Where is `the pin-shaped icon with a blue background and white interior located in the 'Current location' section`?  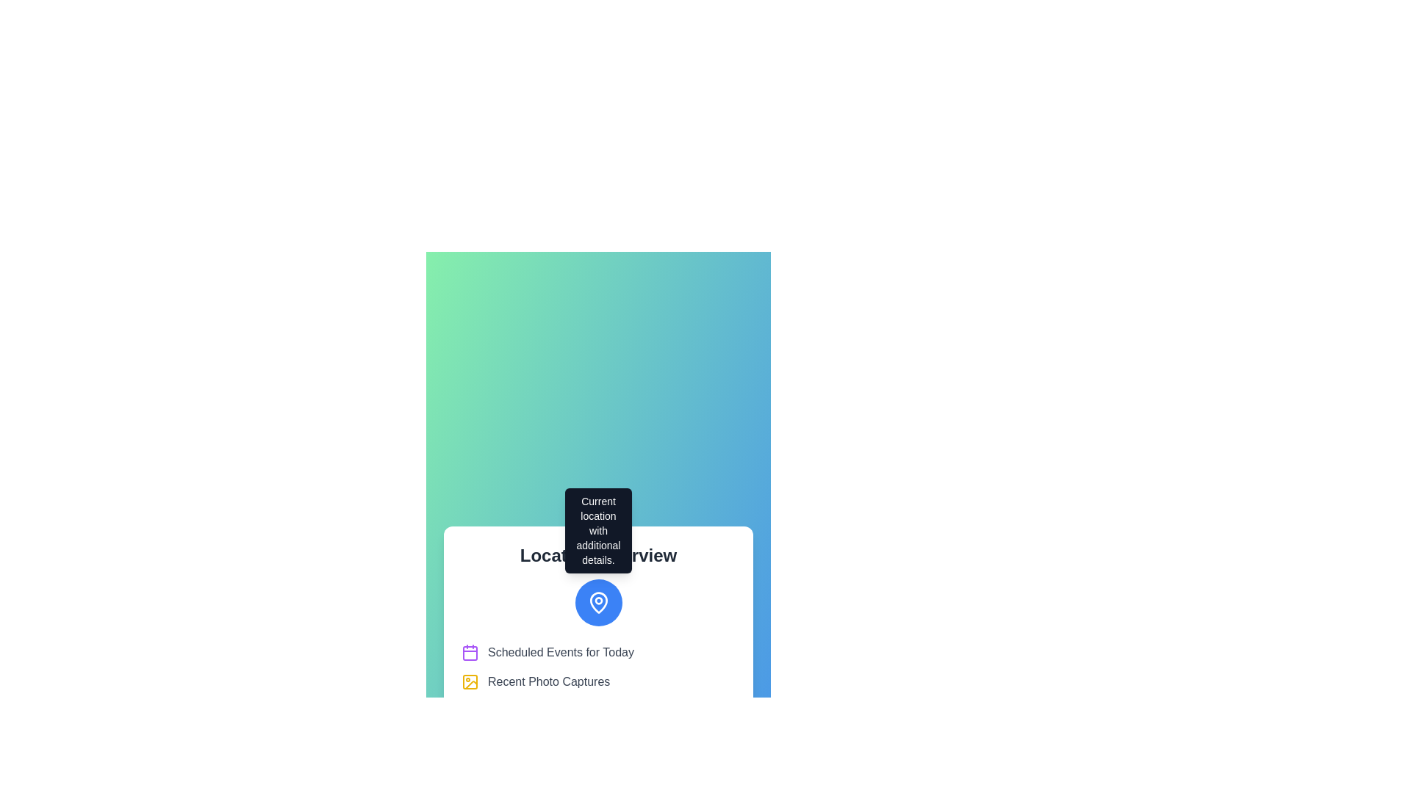 the pin-shaped icon with a blue background and white interior located in the 'Current location' section is located at coordinates (598, 603).